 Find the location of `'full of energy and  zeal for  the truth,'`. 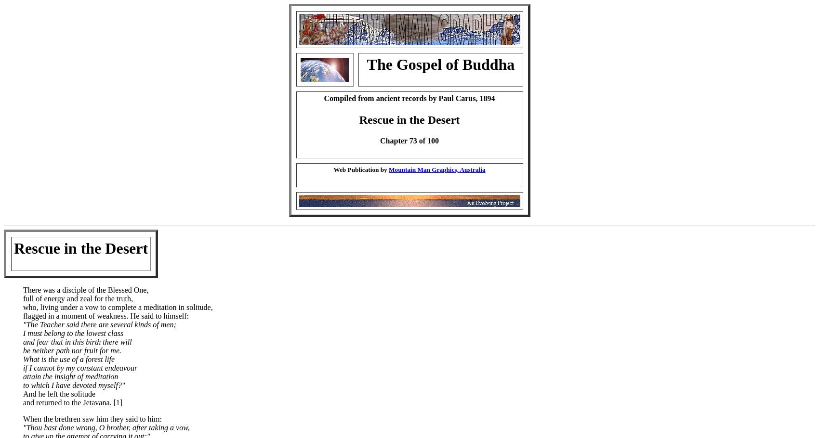

'full of energy and  zeal for  the truth,' is located at coordinates (23, 298).